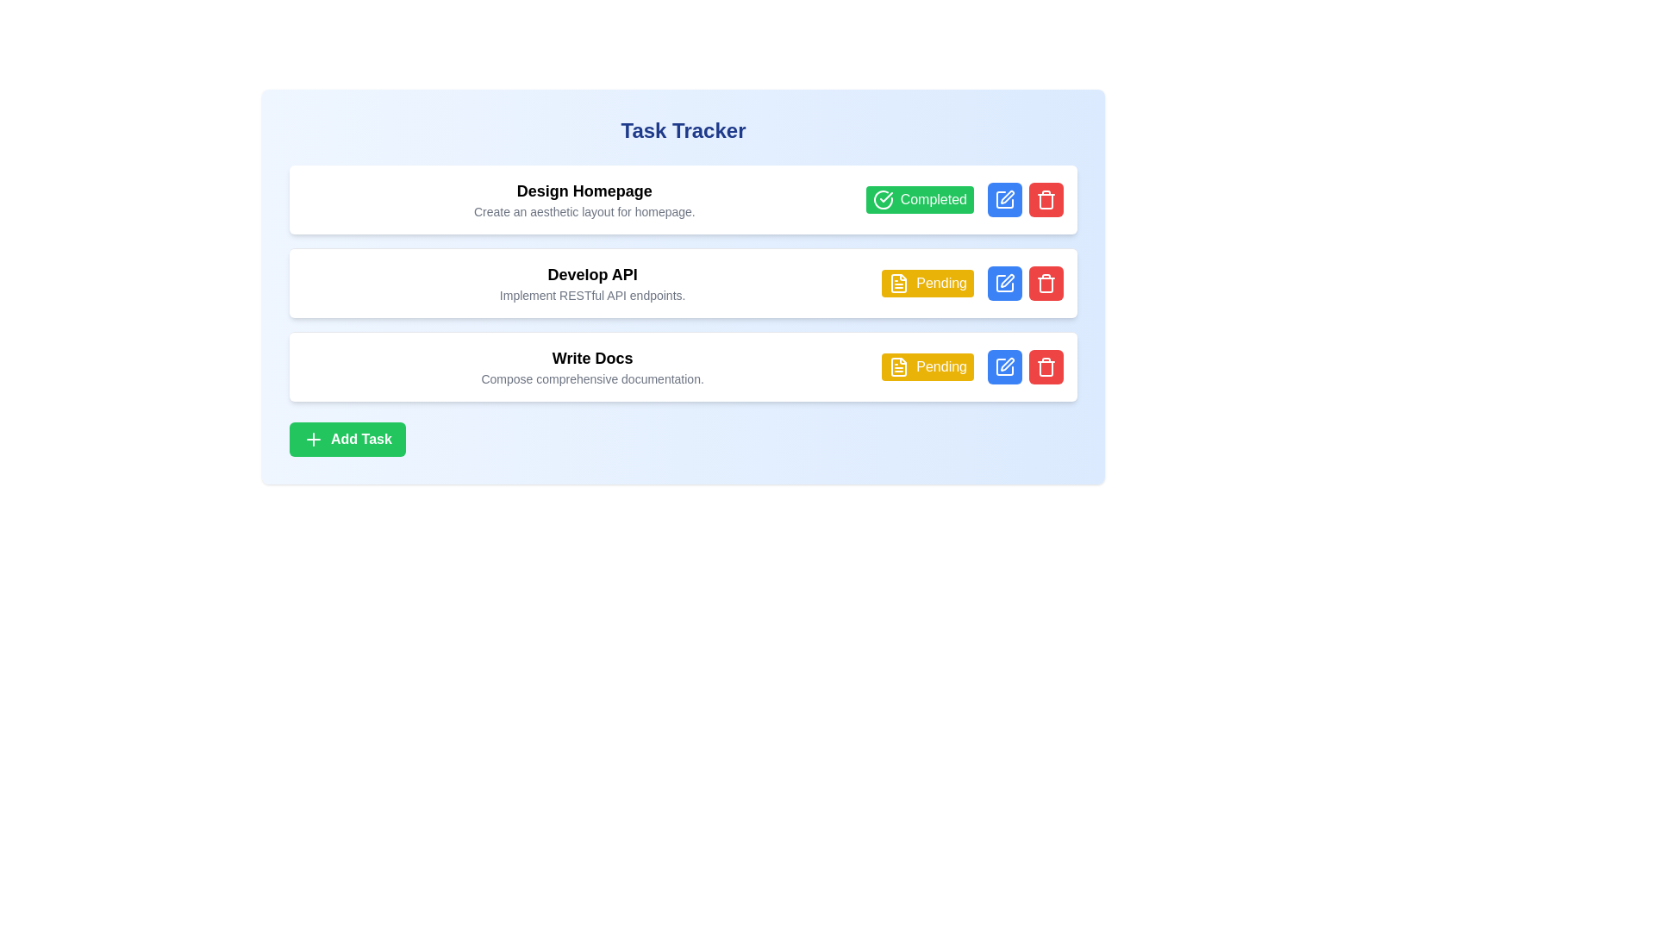 This screenshot has width=1655, height=931. Describe the element at coordinates (919, 198) in the screenshot. I see `the status indicator button located in the topmost task row, positioned between the task title and the blue 'Edit' button, to visually signal that the task has been completed` at that location.